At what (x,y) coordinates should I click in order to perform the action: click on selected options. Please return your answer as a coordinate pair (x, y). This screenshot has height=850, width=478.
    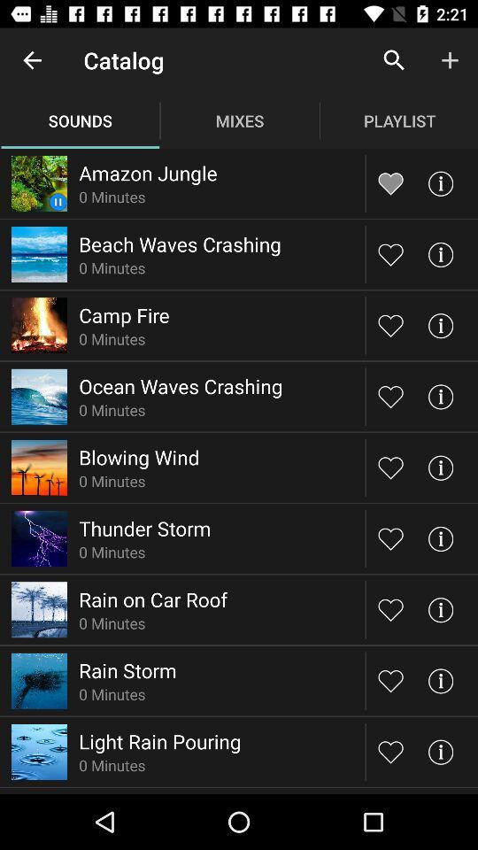
    Looking at the image, I should click on (390, 679).